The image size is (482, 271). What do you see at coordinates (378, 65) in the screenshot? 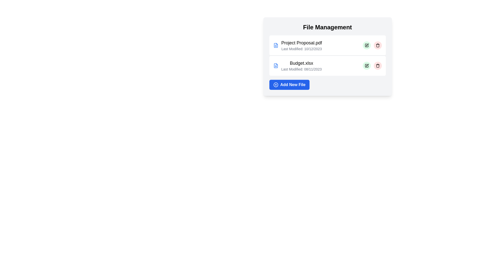
I see `the delete button for the file named Budget.xlsx` at bounding box center [378, 65].